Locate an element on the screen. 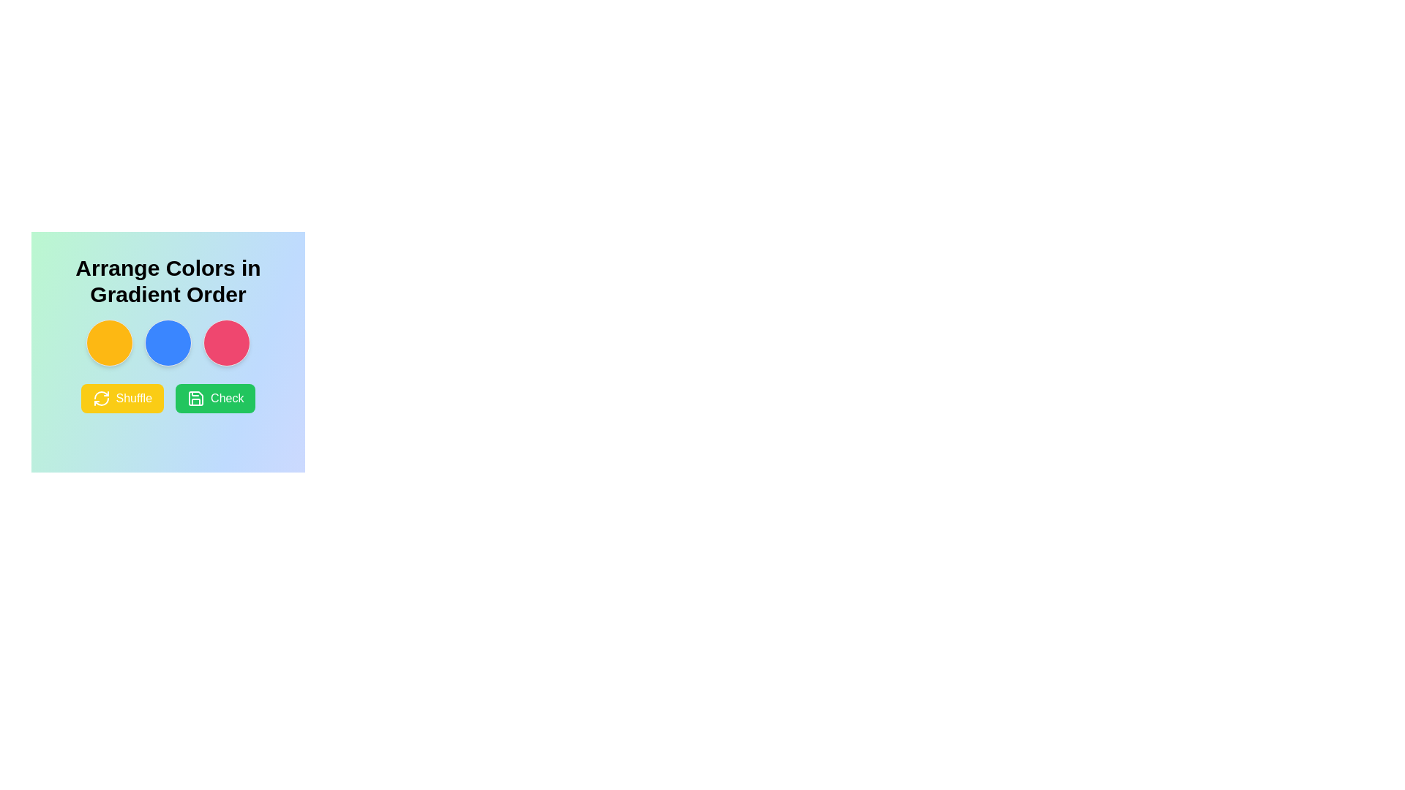 This screenshot has width=1405, height=790. the second draggable circle with a blue background color is located at coordinates (168, 343).